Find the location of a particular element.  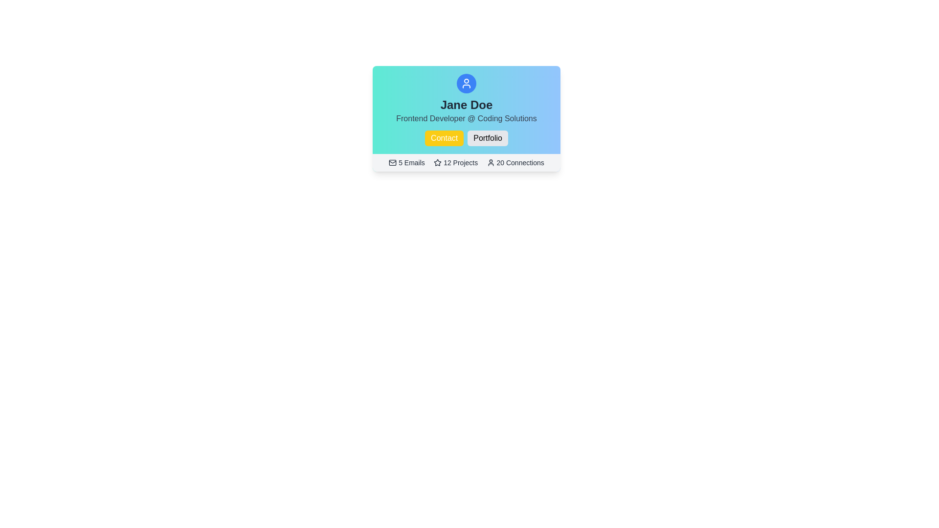

the label displaying 'Jane Doe' by moving the cursor to its center for emphasis is located at coordinates (466, 105).